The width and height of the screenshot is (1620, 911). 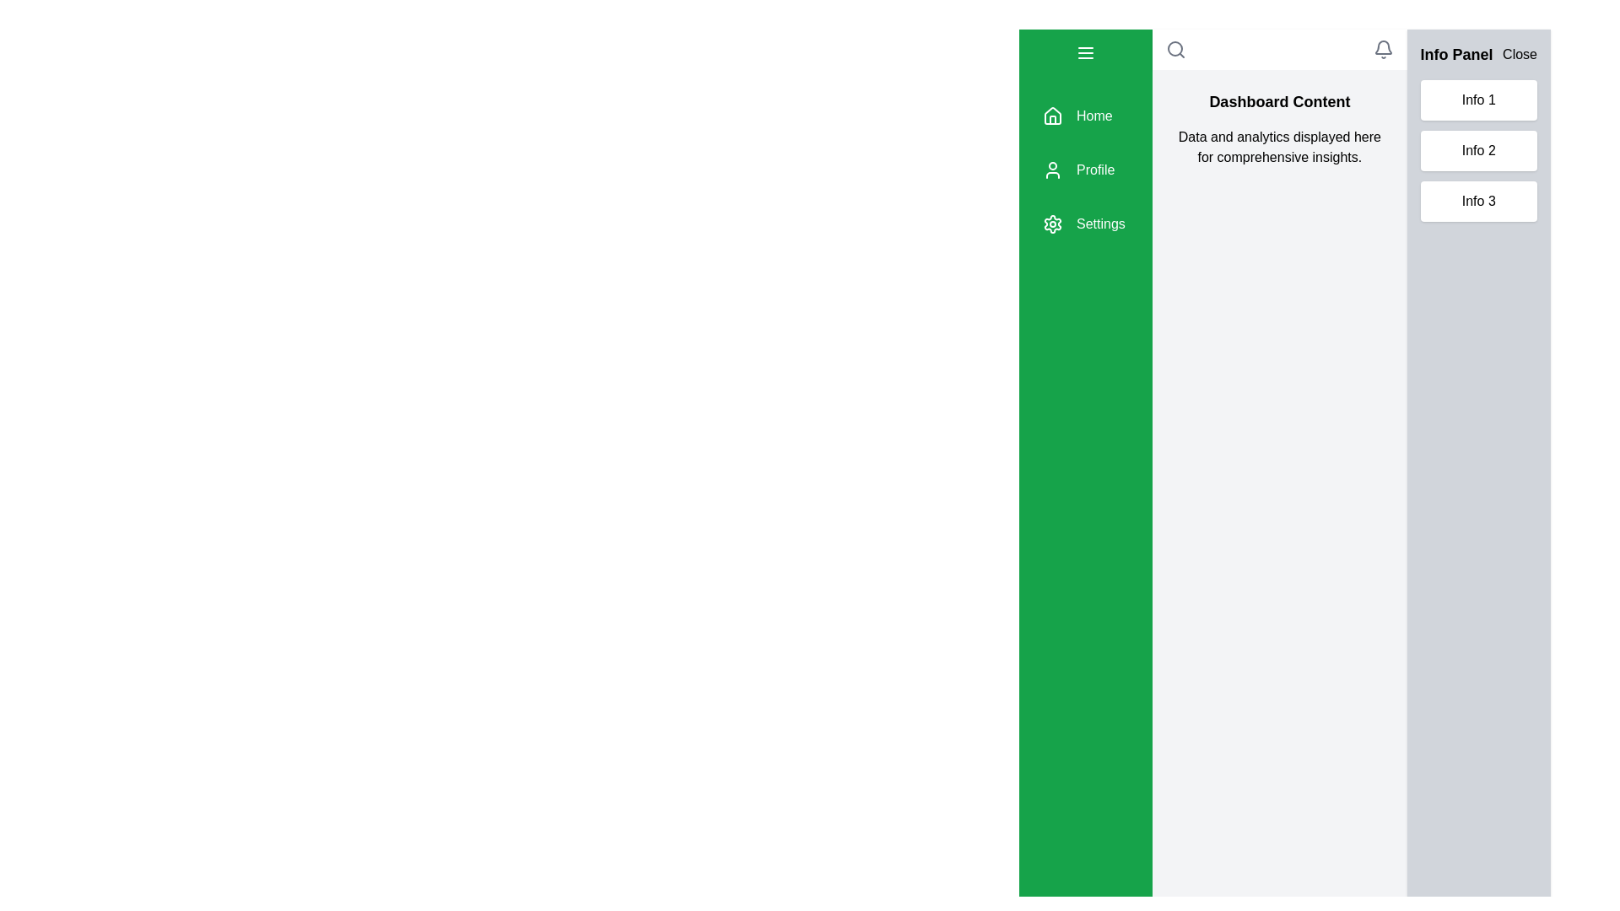 What do you see at coordinates (1094, 116) in the screenshot?
I see `the 'Home' text label, which is styled with white text on a green background, located at the top of the left sidebar navigation list` at bounding box center [1094, 116].